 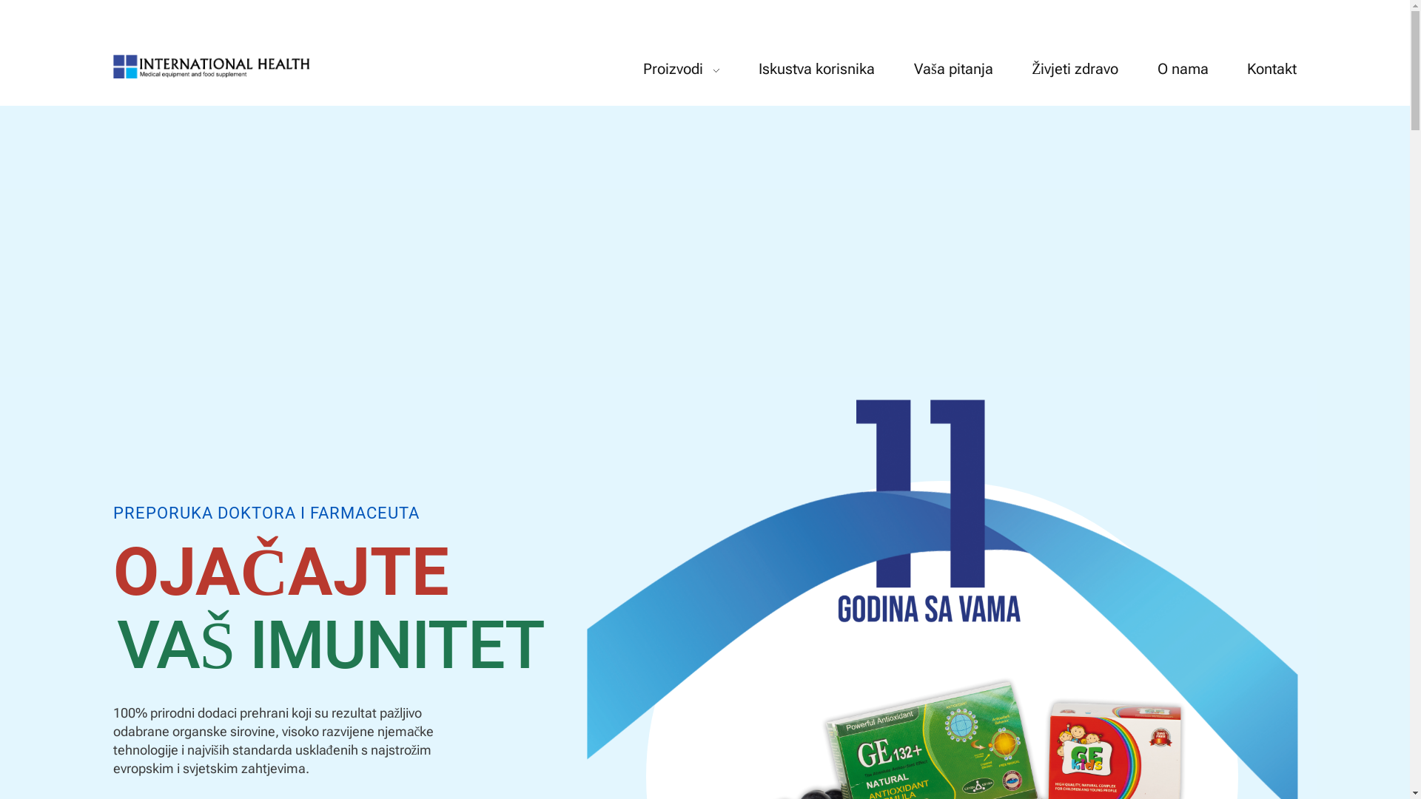 I want to click on 'Proizvodi', so click(x=642, y=68).